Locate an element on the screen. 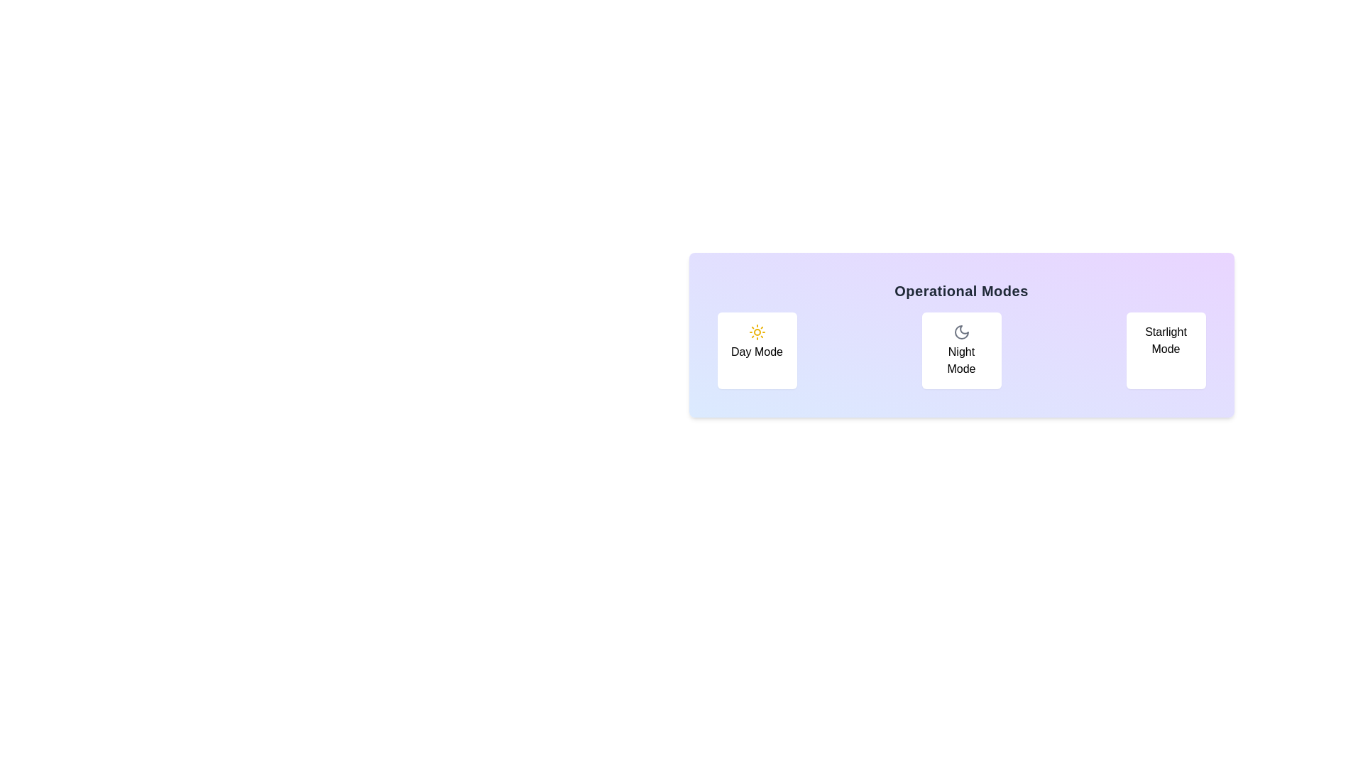 This screenshot has width=1363, height=767. the button labeled Night Mode to observe the hover effect is located at coordinates (961, 350).